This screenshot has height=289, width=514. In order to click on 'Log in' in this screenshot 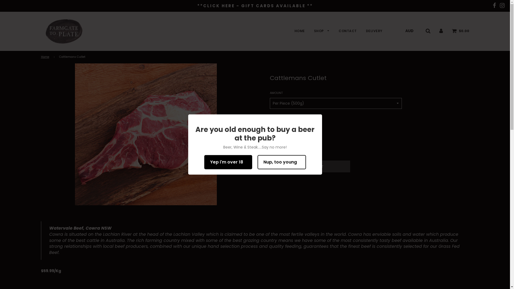, I will do `click(441, 31)`.